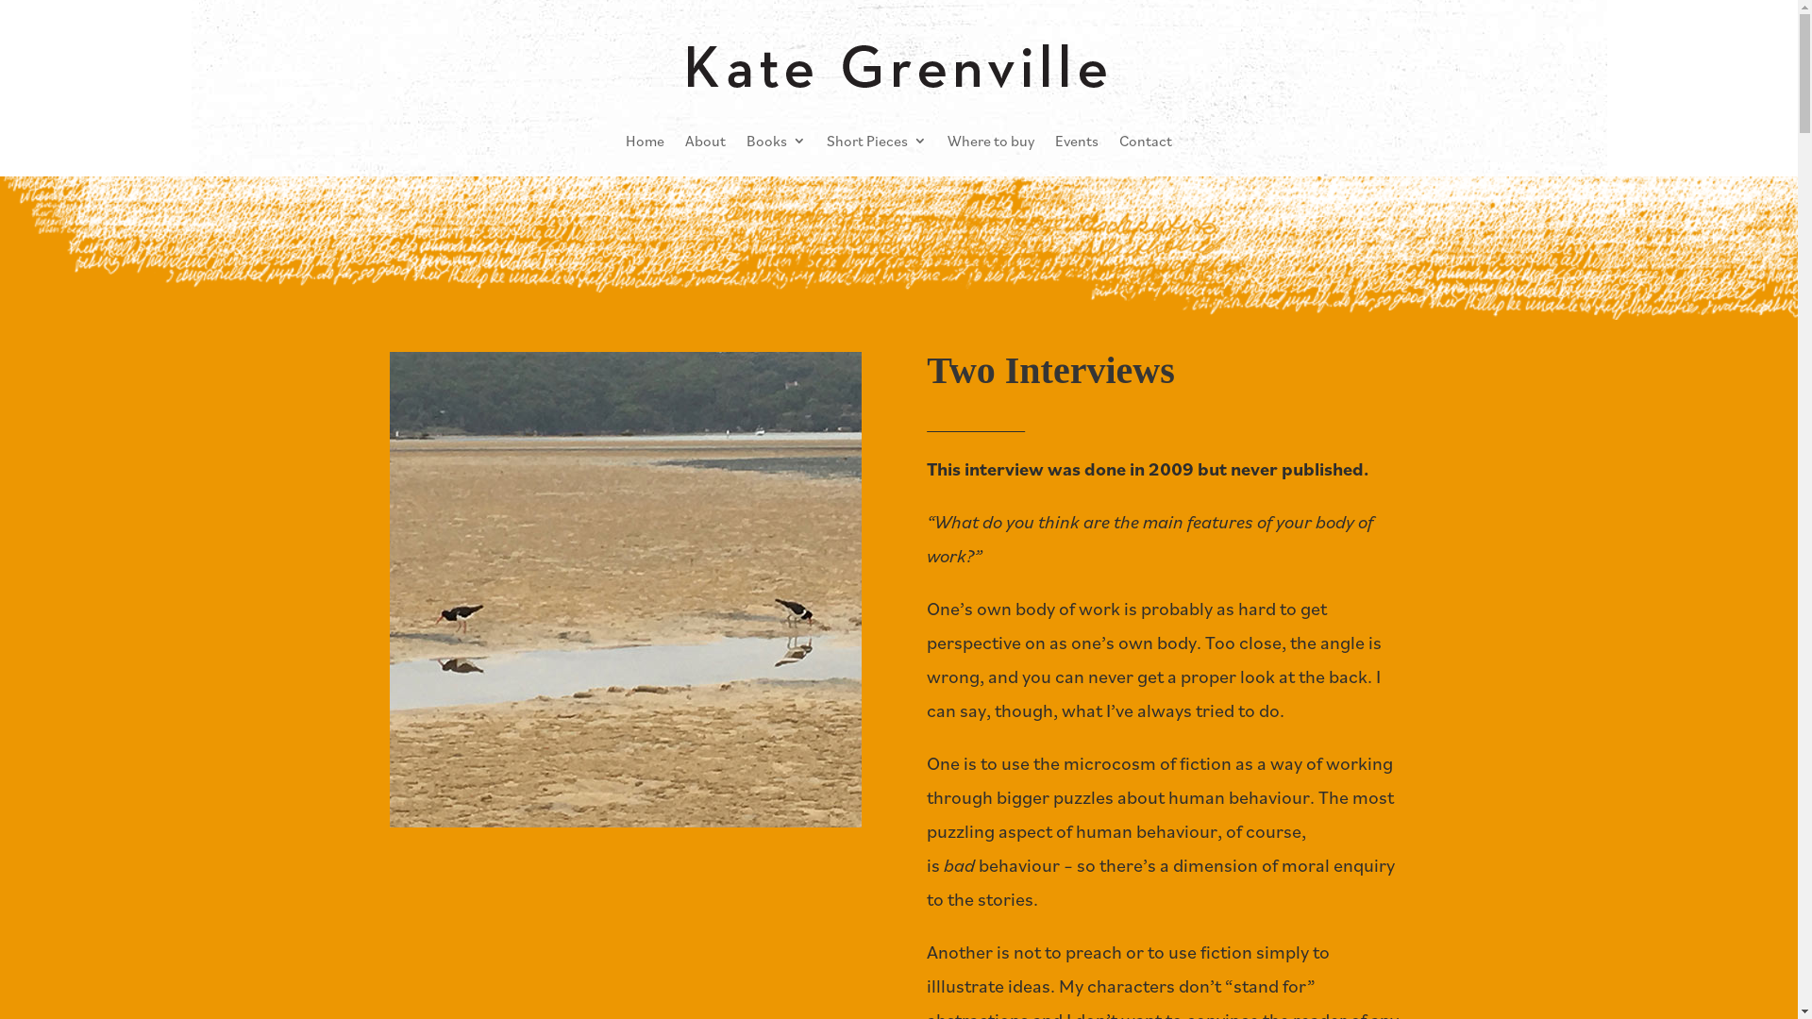 Image resolution: width=1812 pixels, height=1019 pixels. What do you see at coordinates (625, 588) in the screenshot?
I see `'birds'` at bounding box center [625, 588].